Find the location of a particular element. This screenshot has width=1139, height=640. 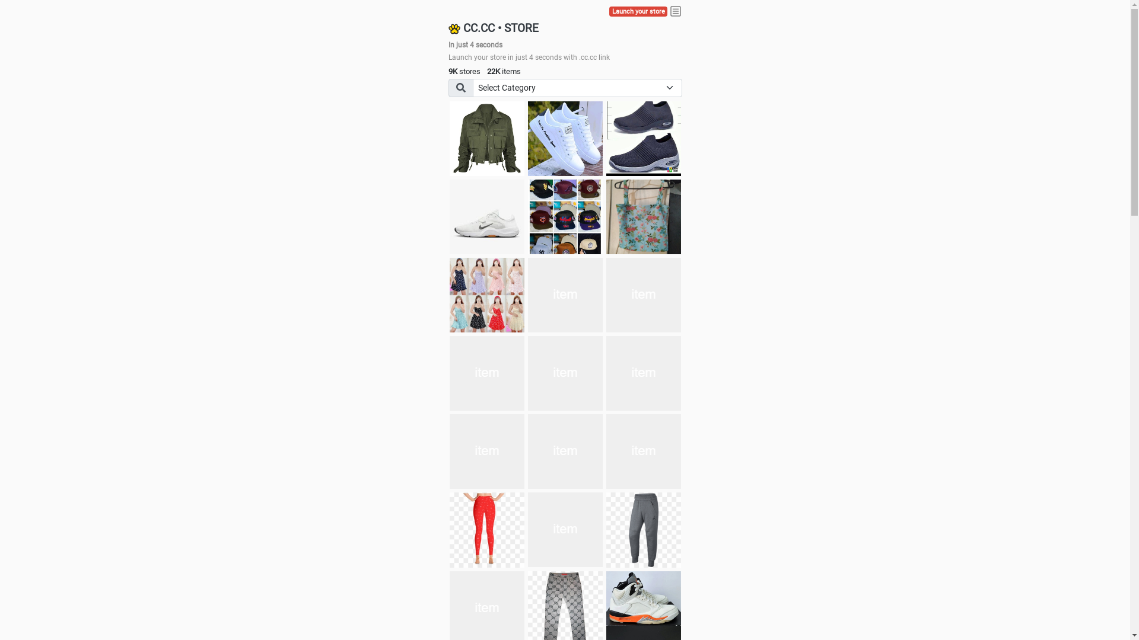

'jacket' is located at coordinates (449, 138).